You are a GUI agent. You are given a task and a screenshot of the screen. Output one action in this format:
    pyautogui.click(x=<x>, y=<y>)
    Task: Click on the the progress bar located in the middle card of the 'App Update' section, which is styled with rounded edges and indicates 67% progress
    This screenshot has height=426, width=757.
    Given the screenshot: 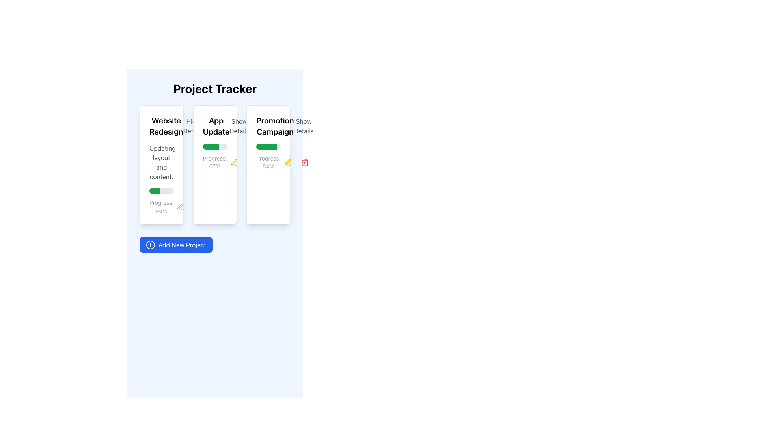 What is the action you would take?
    pyautogui.click(x=215, y=146)
    